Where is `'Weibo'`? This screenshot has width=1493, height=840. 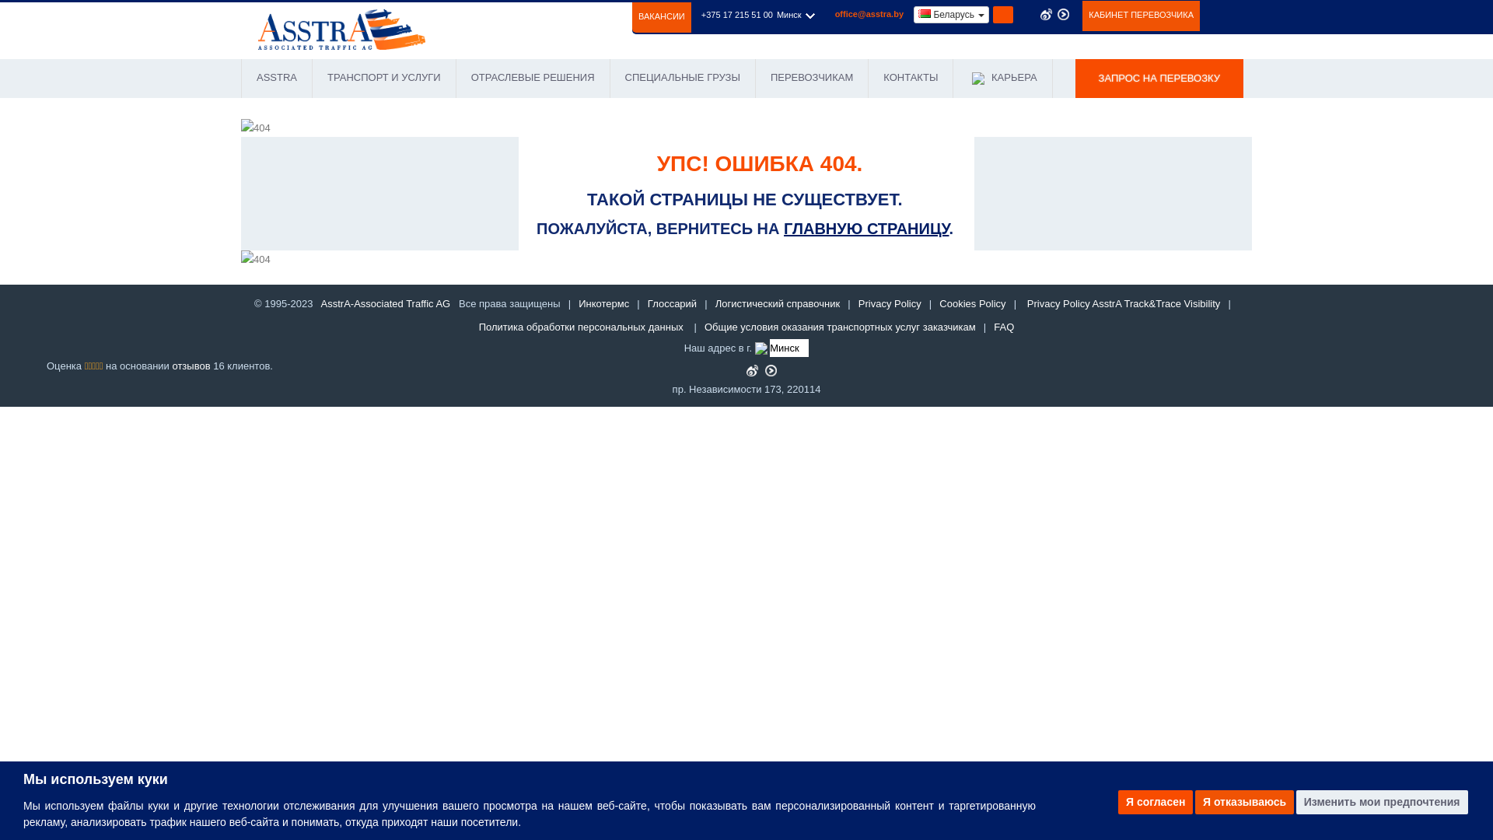 'Weibo' is located at coordinates (752, 370).